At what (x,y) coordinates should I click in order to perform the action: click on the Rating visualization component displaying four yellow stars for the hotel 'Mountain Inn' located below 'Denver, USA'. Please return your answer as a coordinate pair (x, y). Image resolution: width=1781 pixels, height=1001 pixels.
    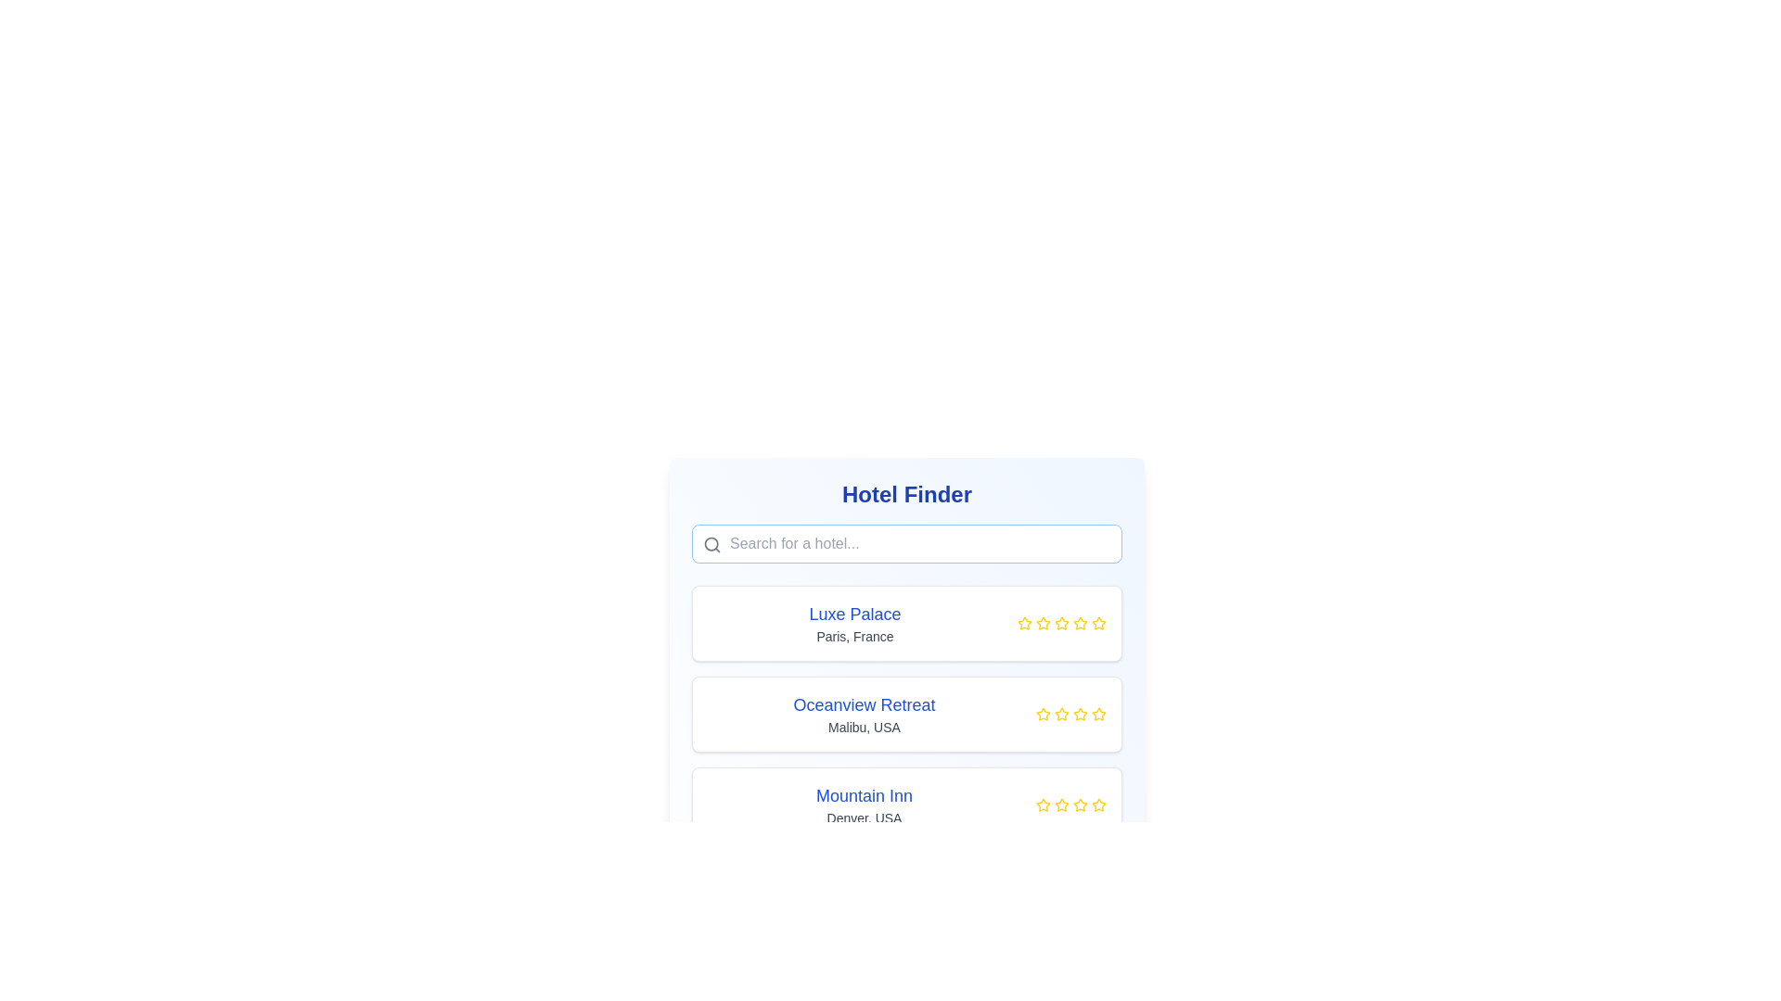
    Looking at the image, I should click on (1071, 804).